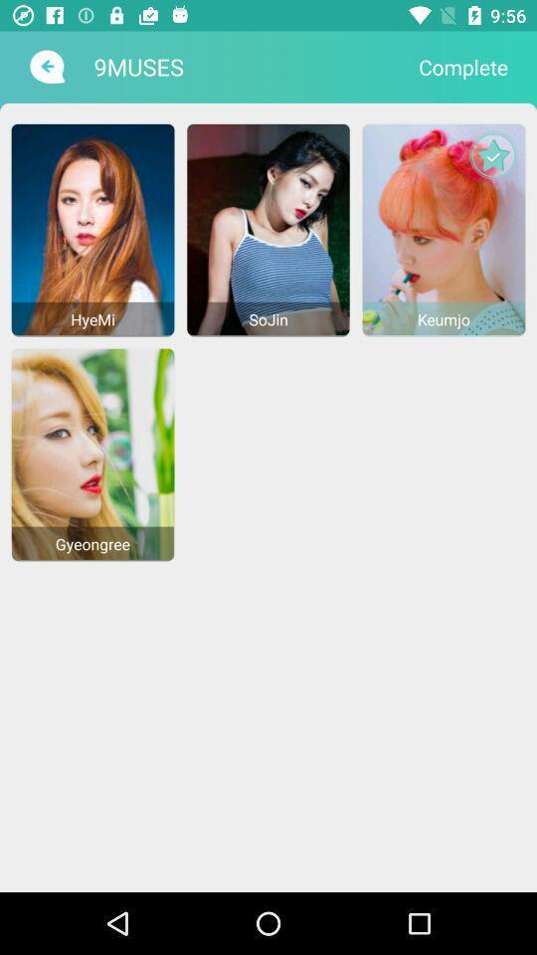  Describe the element at coordinates (463, 67) in the screenshot. I see `the icon to the right of the 9muses` at that location.